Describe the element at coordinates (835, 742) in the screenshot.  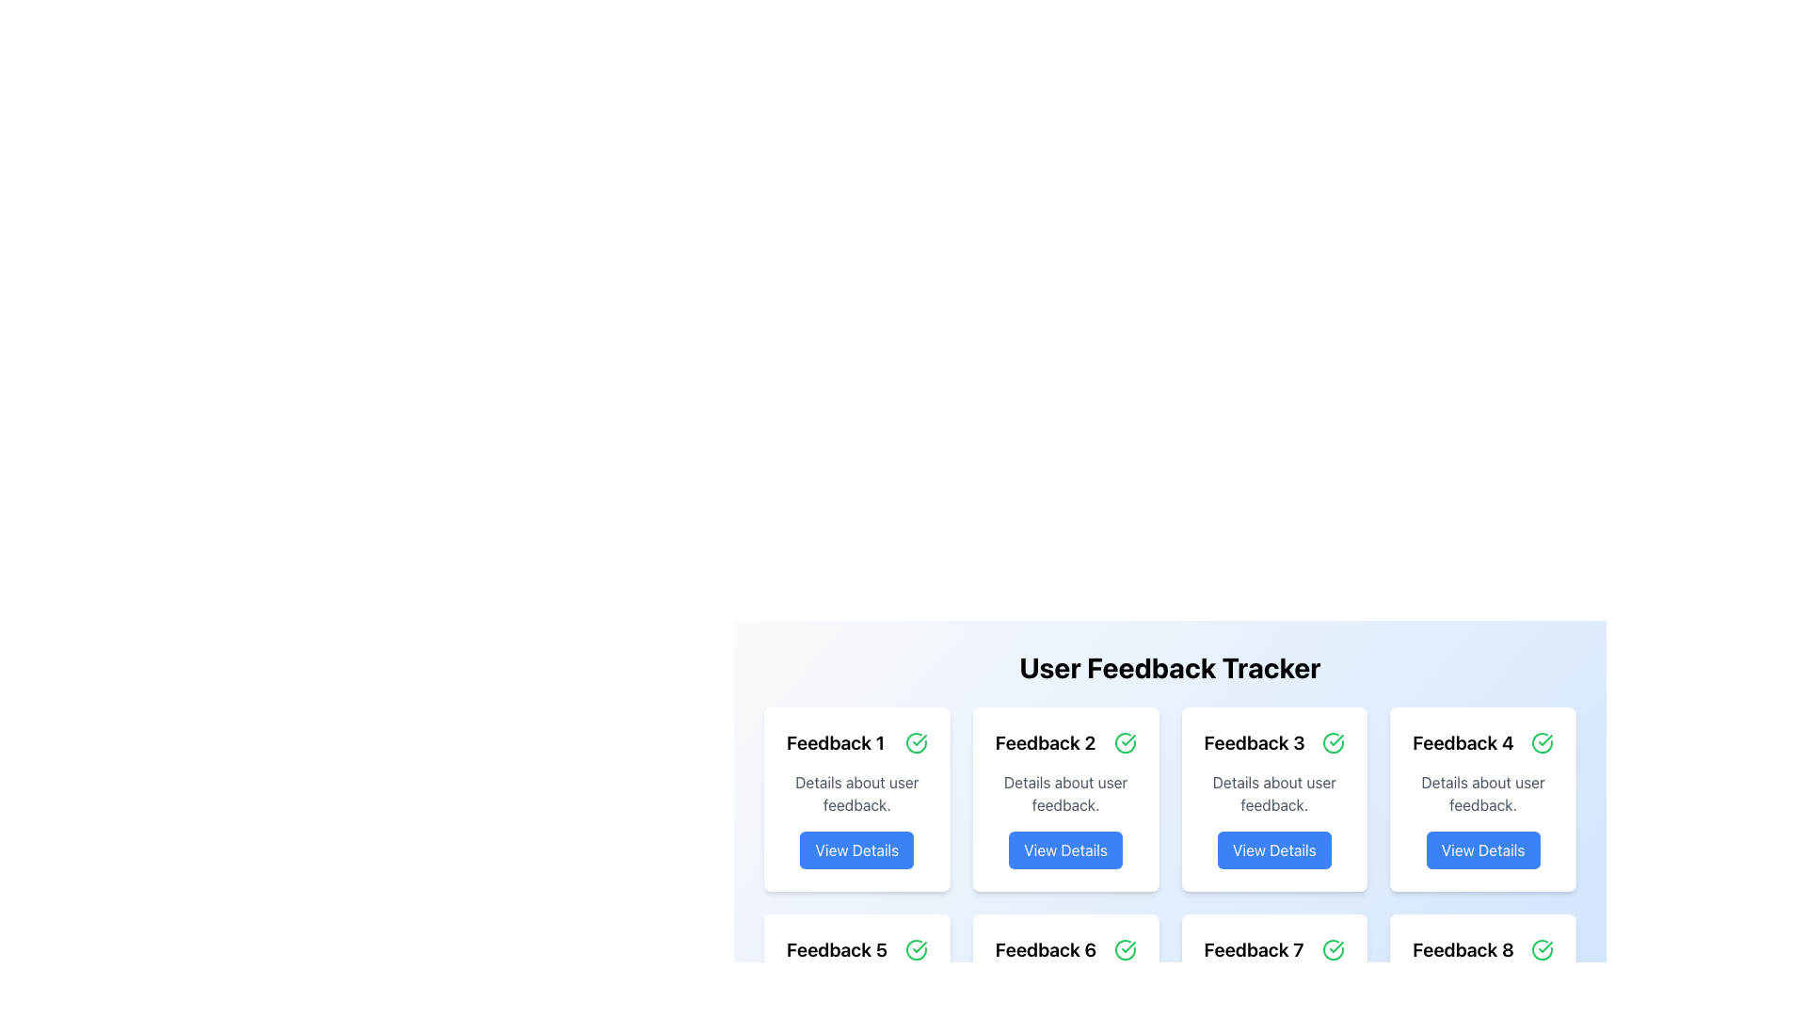
I see `the text label displaying 'Feedback 1', which is positioned in the top-left corner of the card layout` at that location.